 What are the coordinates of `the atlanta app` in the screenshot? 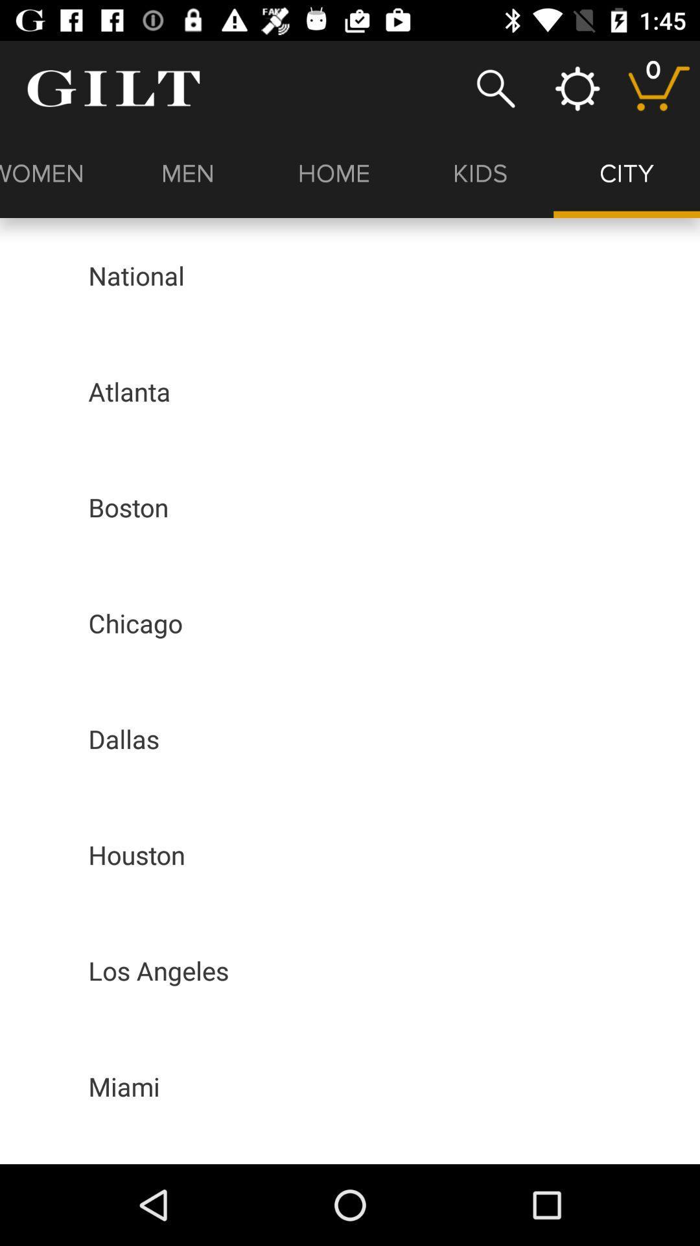 It's located at (129, 391).